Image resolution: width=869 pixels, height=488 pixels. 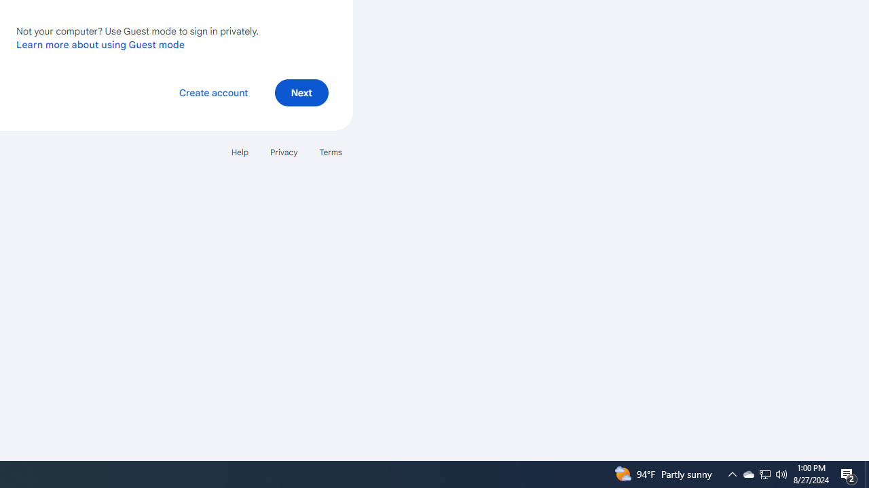 What do you see at coordinates (212, 91) in the screenshot?
I see `'Create account'` at bounding box center [212, 91].